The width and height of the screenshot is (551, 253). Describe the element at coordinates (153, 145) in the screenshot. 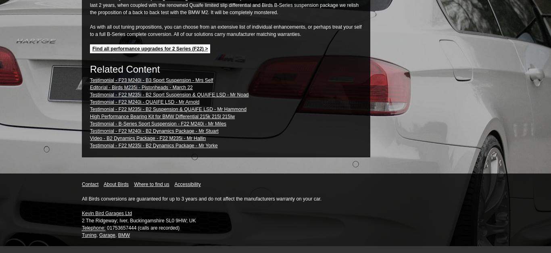

I see `'Testimonial - F22 M235i - B2 Dynamics Package - Mr Yorke'` at that location.